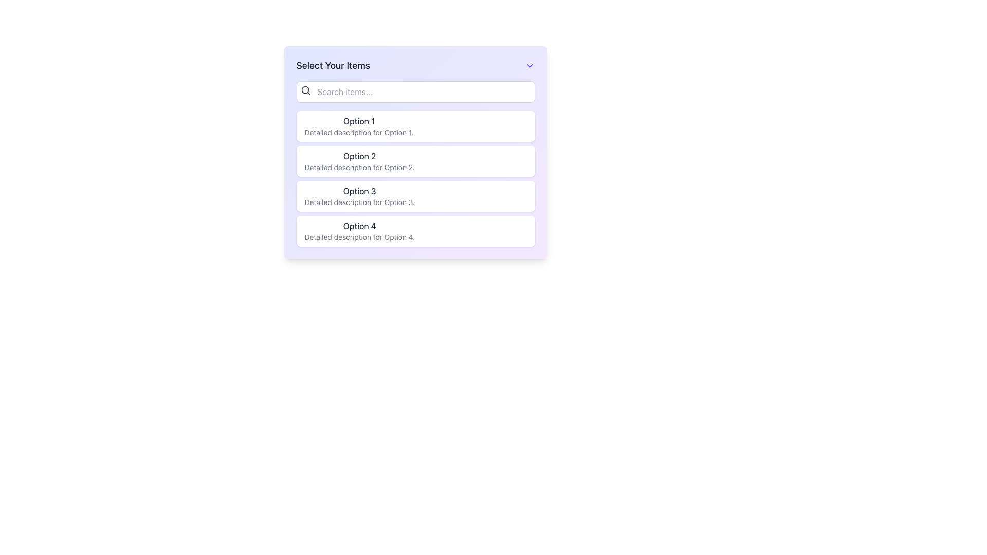 Image resolution: width=987 pixels, height=555 pixels. What do you see at coordinates (359, 225) in the screenshot?
I see `the text label displaying 'Option 4', which is styled in gray-black color and is the fourth option in the list titled 'Select Your Items'` at bounding box center [359, 225].